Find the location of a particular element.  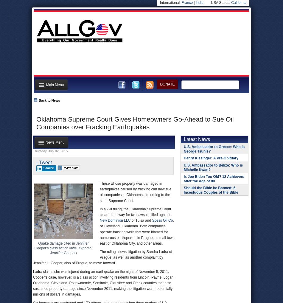

'Quake damage cited in Jennifer Cooper's class action lawsuit (photo: Jennifer Cooper)' is located at coordinates (63, 248).